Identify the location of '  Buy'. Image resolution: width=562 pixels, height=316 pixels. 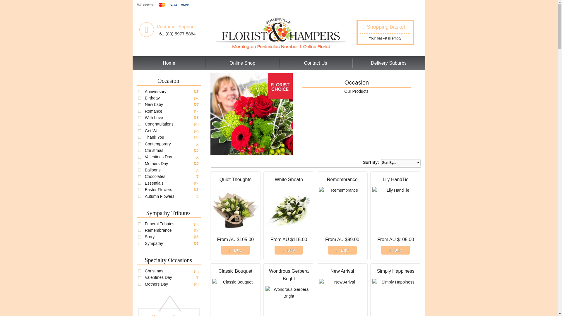
(342, 250).